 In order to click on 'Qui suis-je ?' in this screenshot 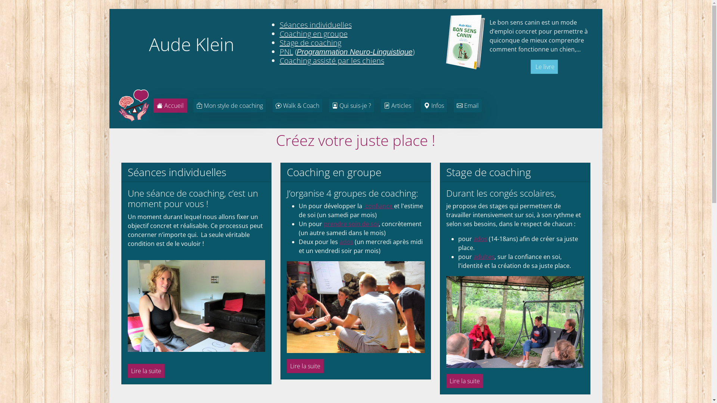, I will do `click(351, 105)`.